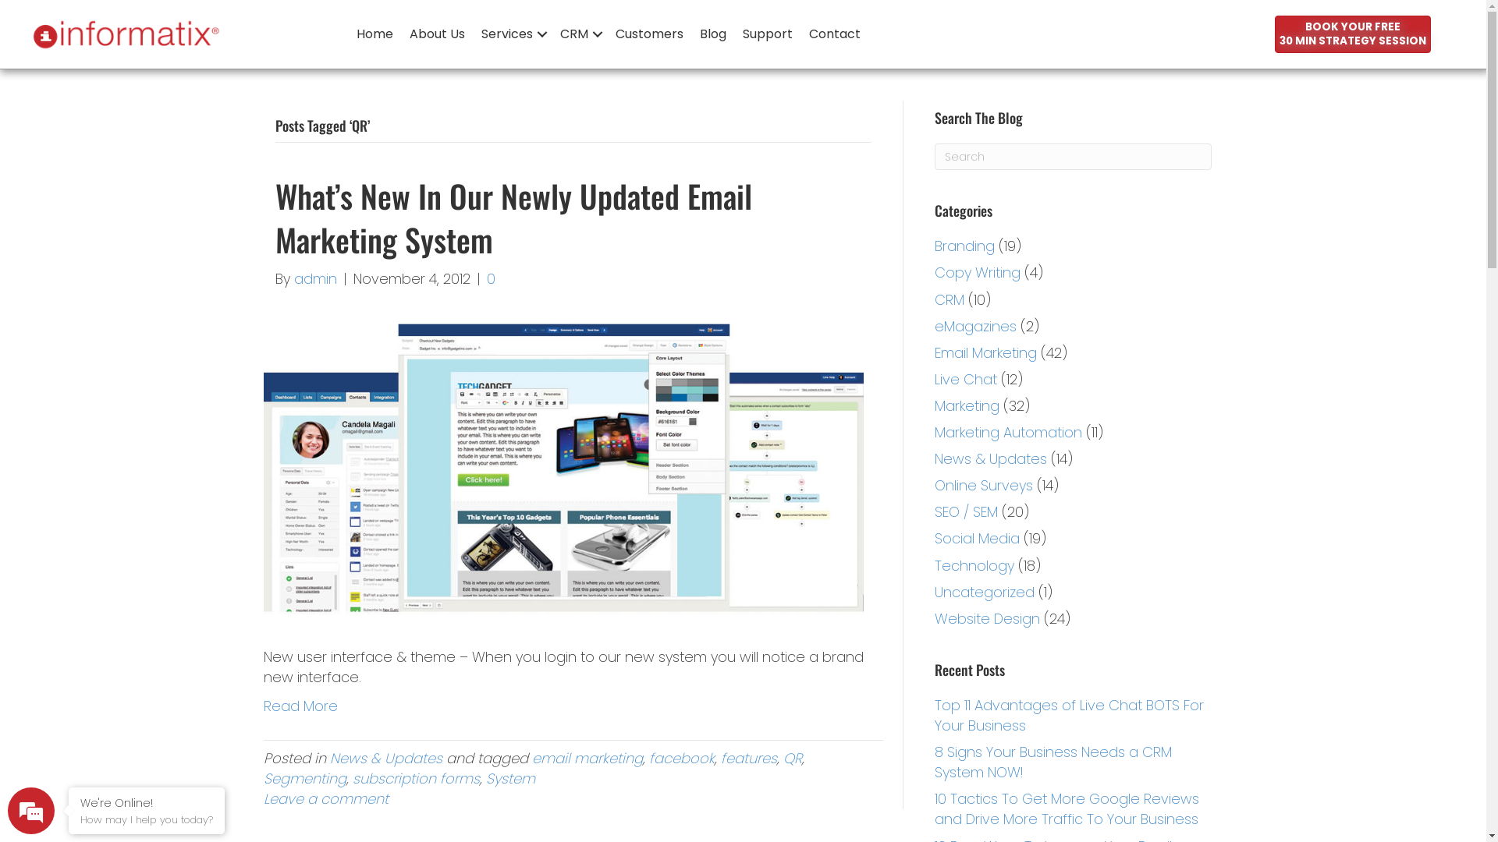 The image size is (1498, 842). What do you see at coordinates (712, 34) in the screenshot?
I see `'Blog'` at bounding box center [712, 34].